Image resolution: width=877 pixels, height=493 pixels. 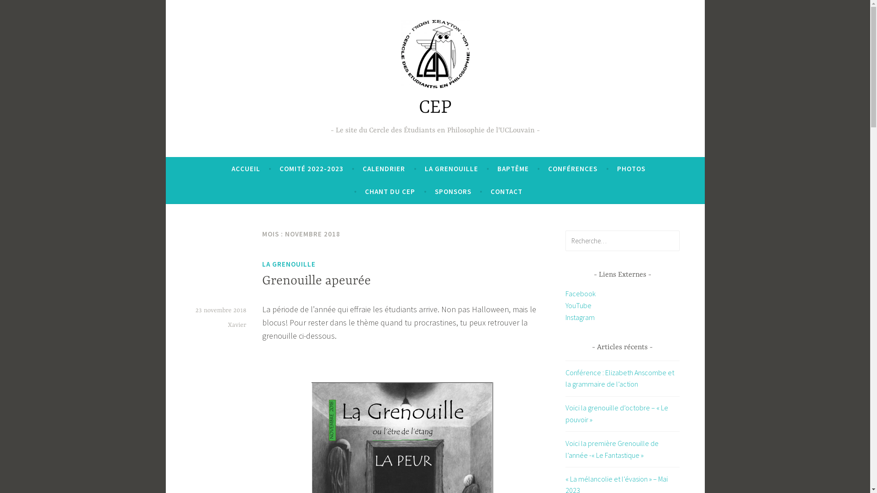 I want to click on 'Rechercher', so click(x=29, y=9).